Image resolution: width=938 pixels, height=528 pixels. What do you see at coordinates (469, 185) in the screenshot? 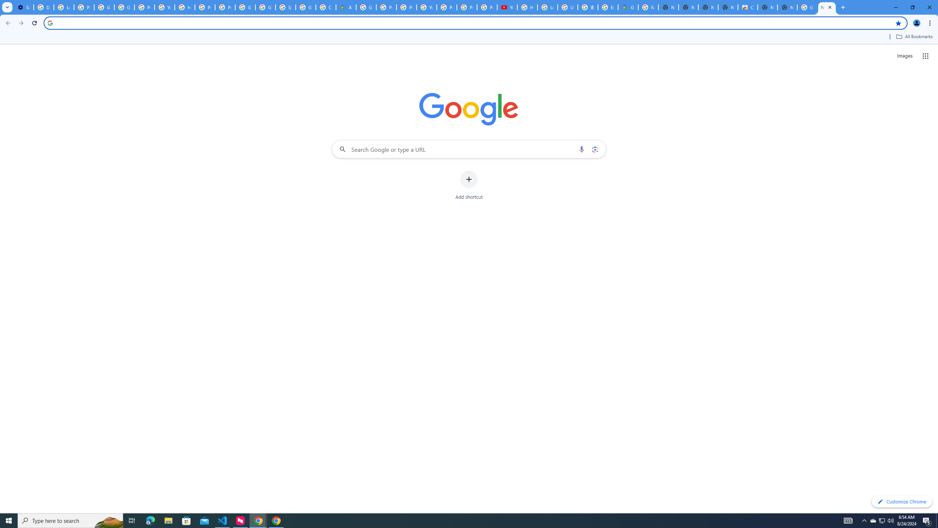
I see `'Add shortcut'` at bounding box center [469, 185].